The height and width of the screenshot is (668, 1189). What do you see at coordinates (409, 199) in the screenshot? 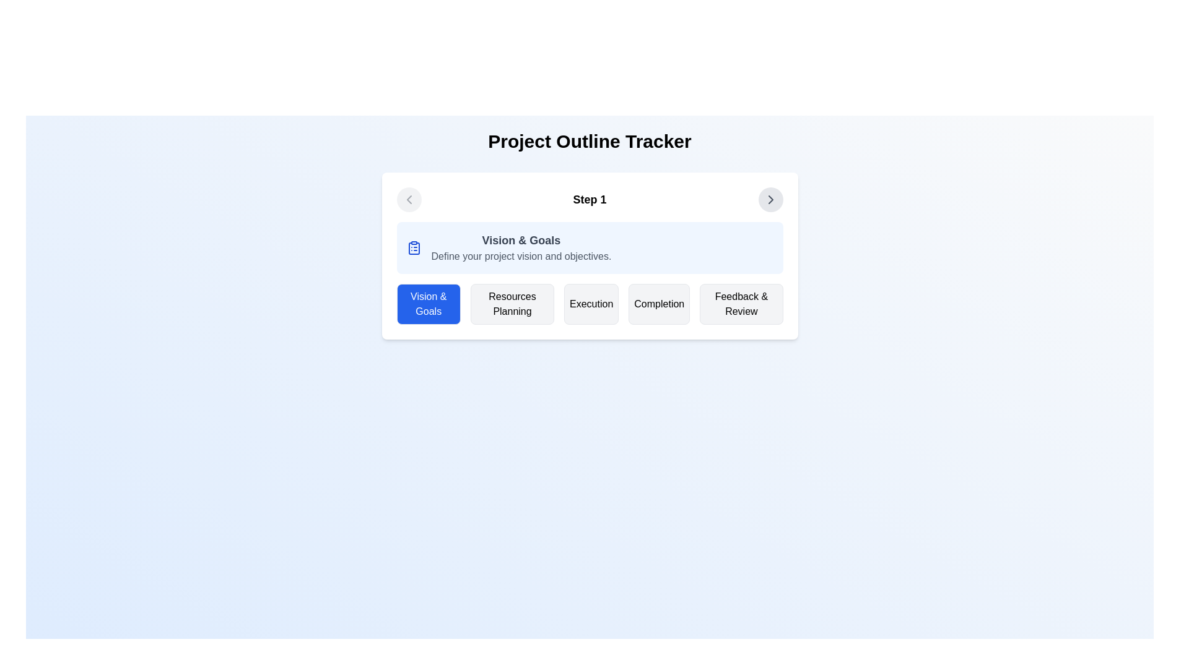
I see `the gray-stroked left-facing chevron icon within the circular button in the top left corner of the 'Project Outline Tracker' interface, adjacent to the 'Step 1' title` at bounding box center [409, 199].